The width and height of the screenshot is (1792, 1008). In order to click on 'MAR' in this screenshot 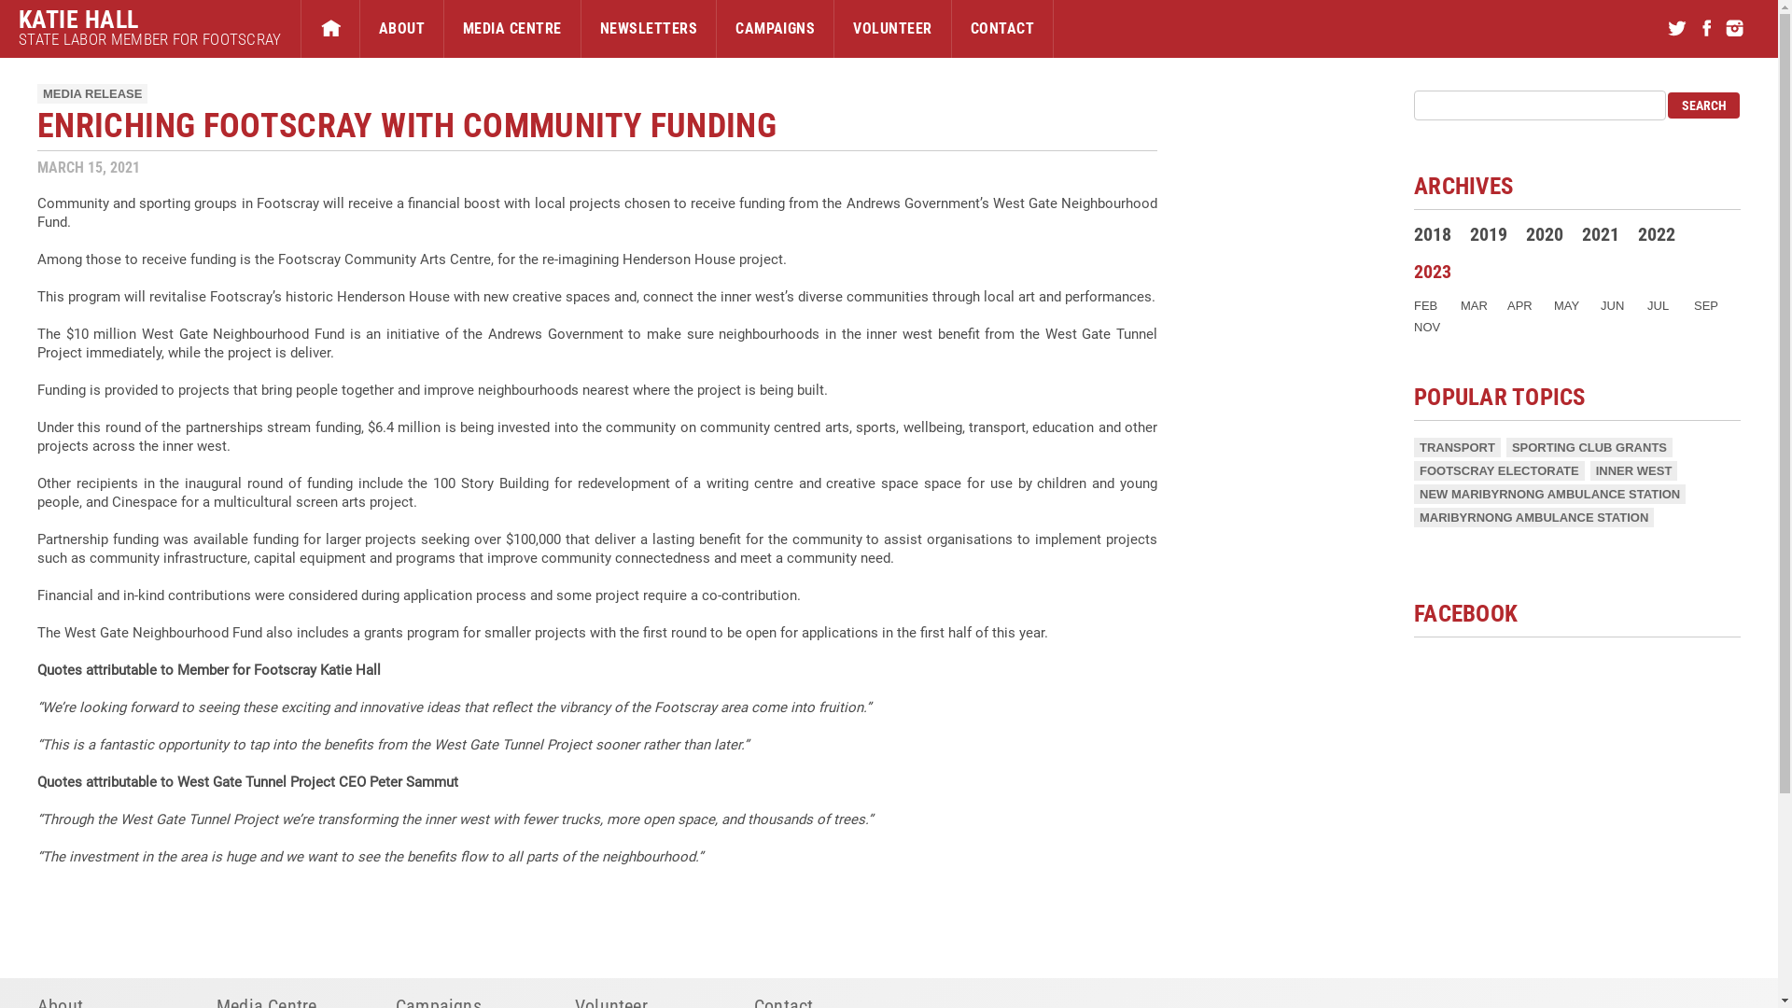, I will do `click(1473, 304)`.